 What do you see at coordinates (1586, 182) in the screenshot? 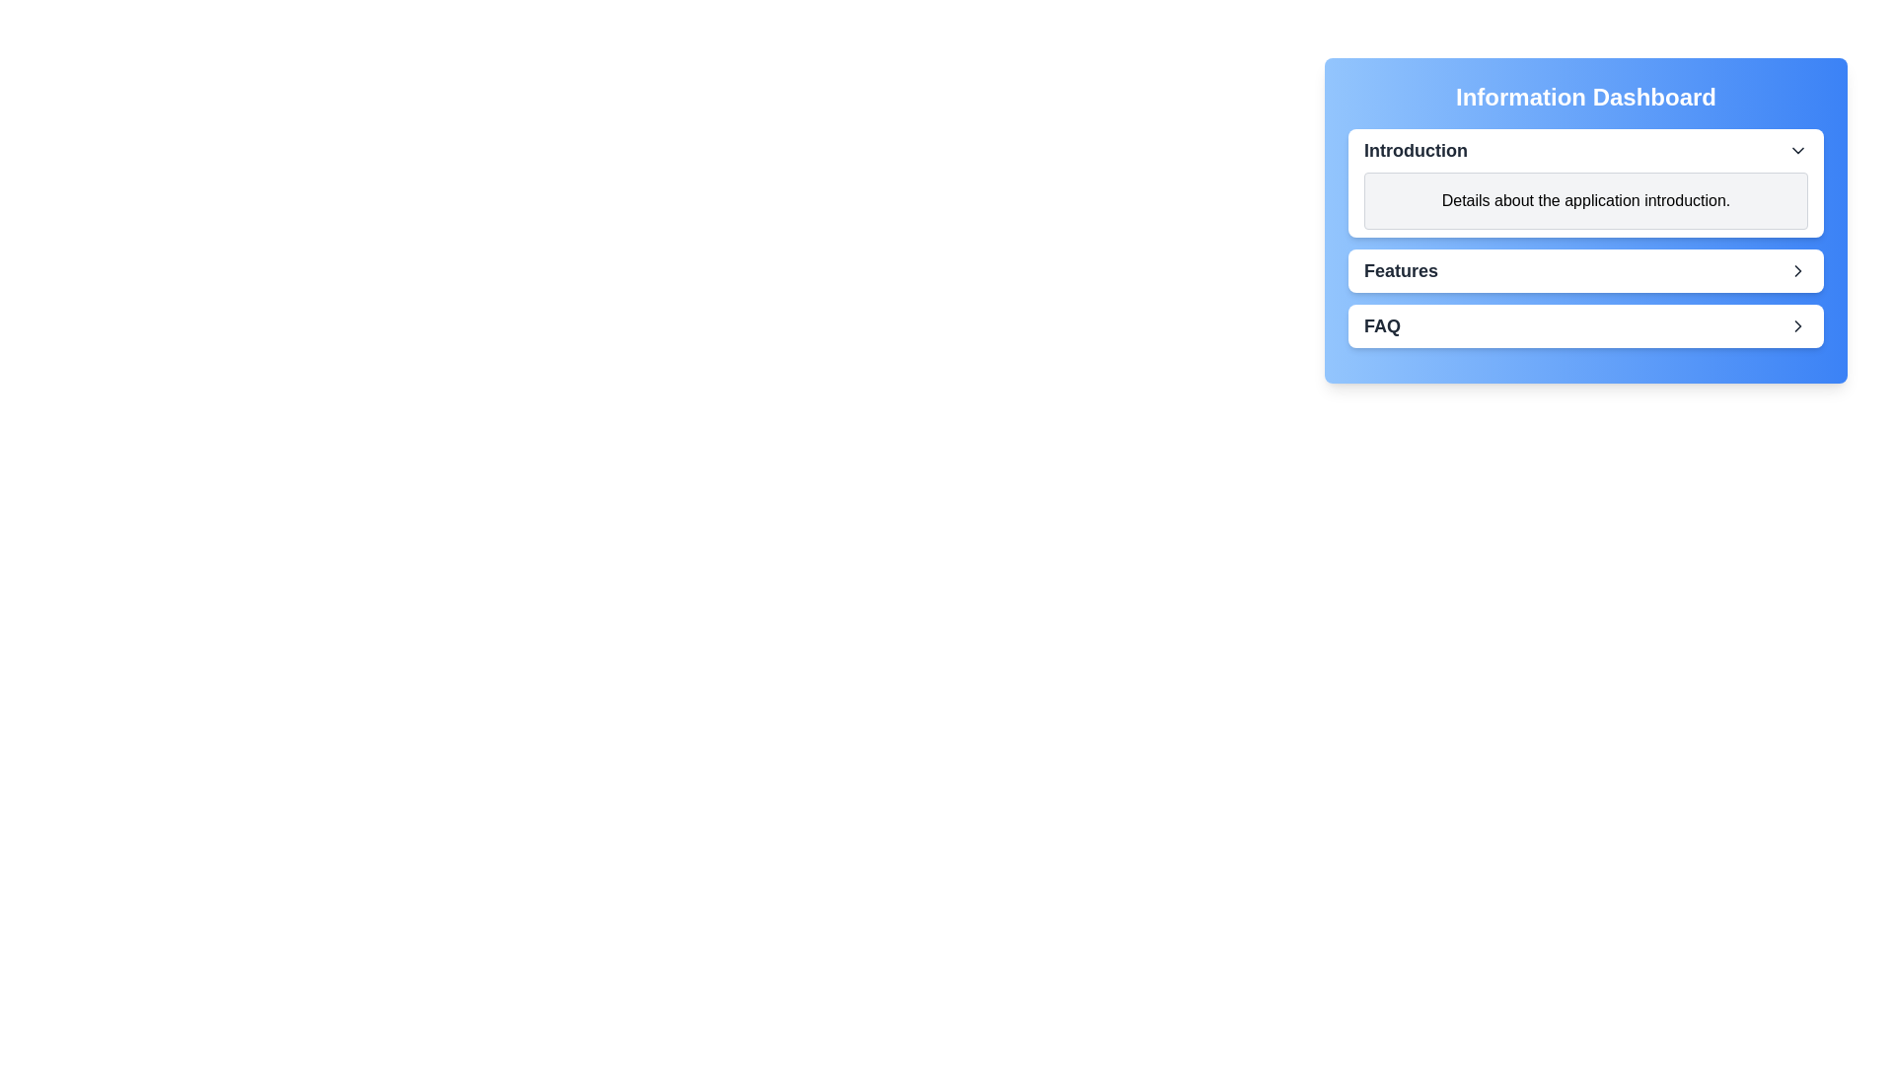
I see `the chevron icon of the first collapsible section located below the 'Information Dashboard' title` at bounding box center [1586, 182].